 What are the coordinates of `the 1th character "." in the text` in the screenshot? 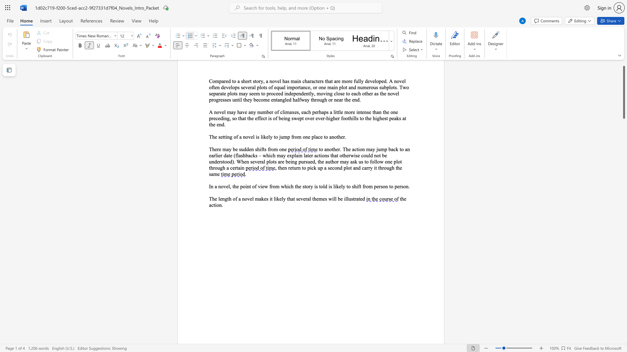 It's located at (222, 204).